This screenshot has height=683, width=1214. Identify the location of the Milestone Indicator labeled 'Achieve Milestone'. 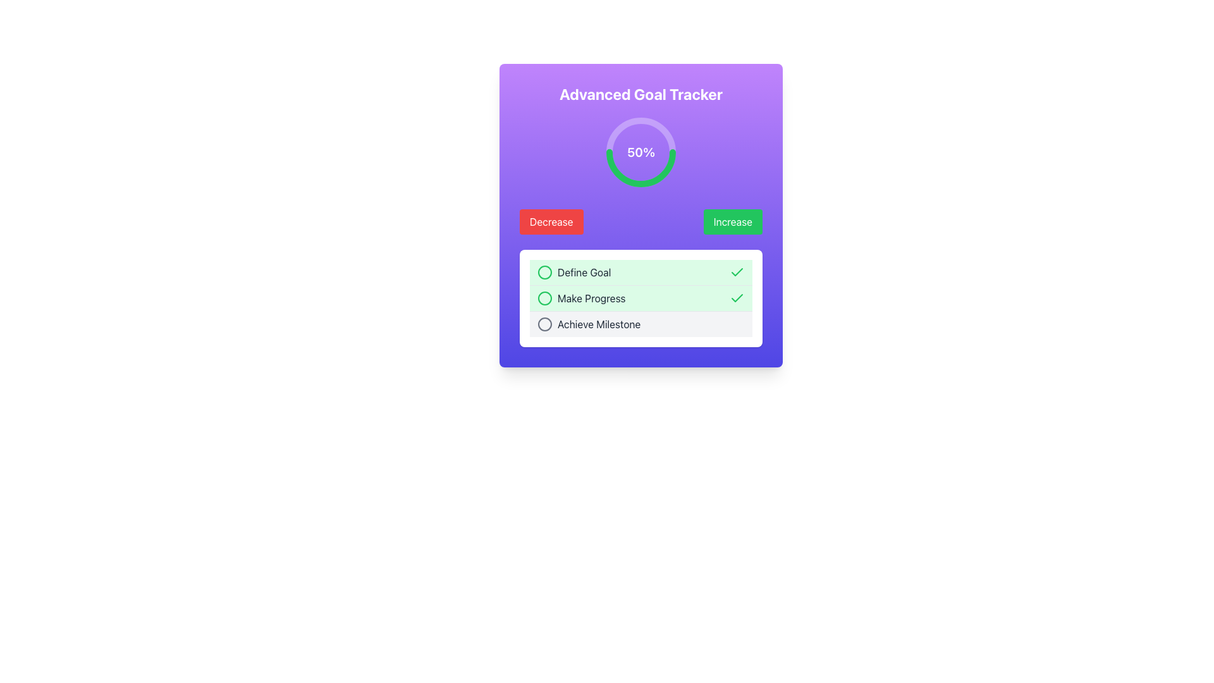
(641, 323).